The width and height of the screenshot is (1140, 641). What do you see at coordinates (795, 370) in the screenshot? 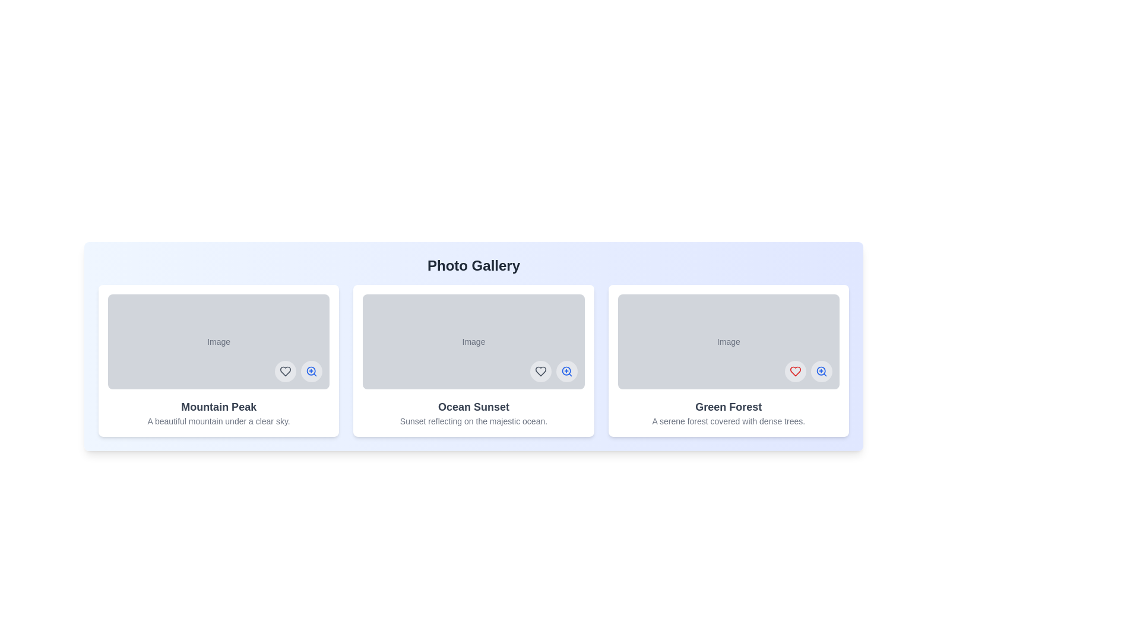
I see `'like' button for the image titled 'Green Forest' to toggle its liked state` at bounding box center [795, 370].